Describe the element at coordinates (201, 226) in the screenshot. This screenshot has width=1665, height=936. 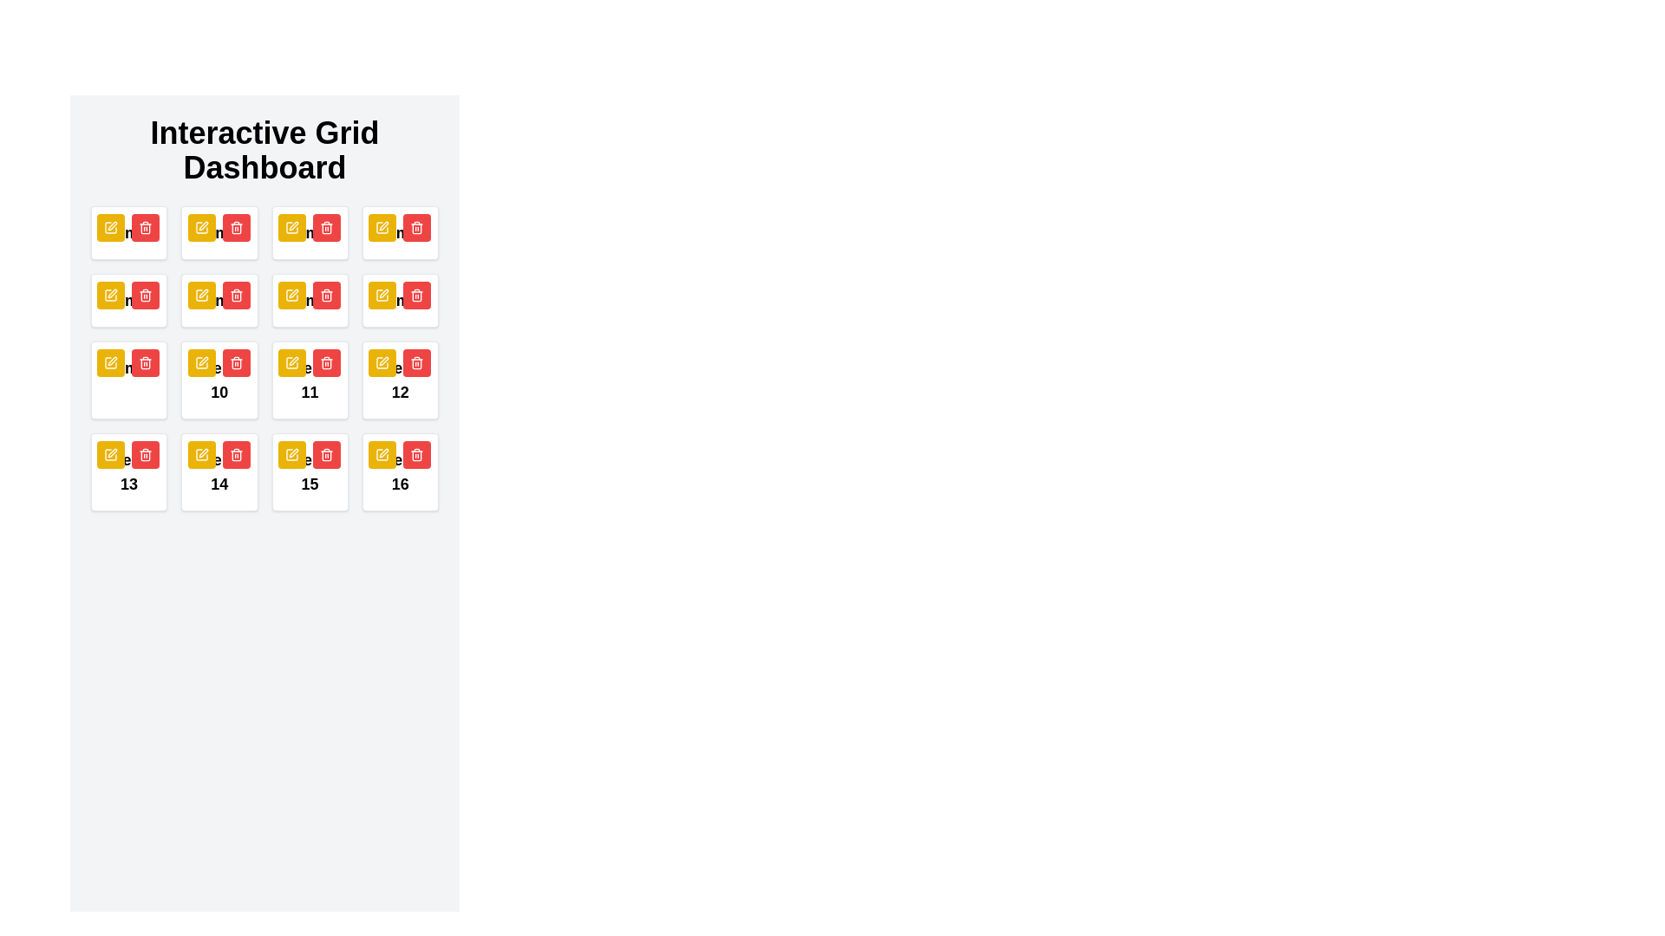
I see `the square icon located in the top-left corner of the interactive grid, which is the first icon in the icon group` at that location.